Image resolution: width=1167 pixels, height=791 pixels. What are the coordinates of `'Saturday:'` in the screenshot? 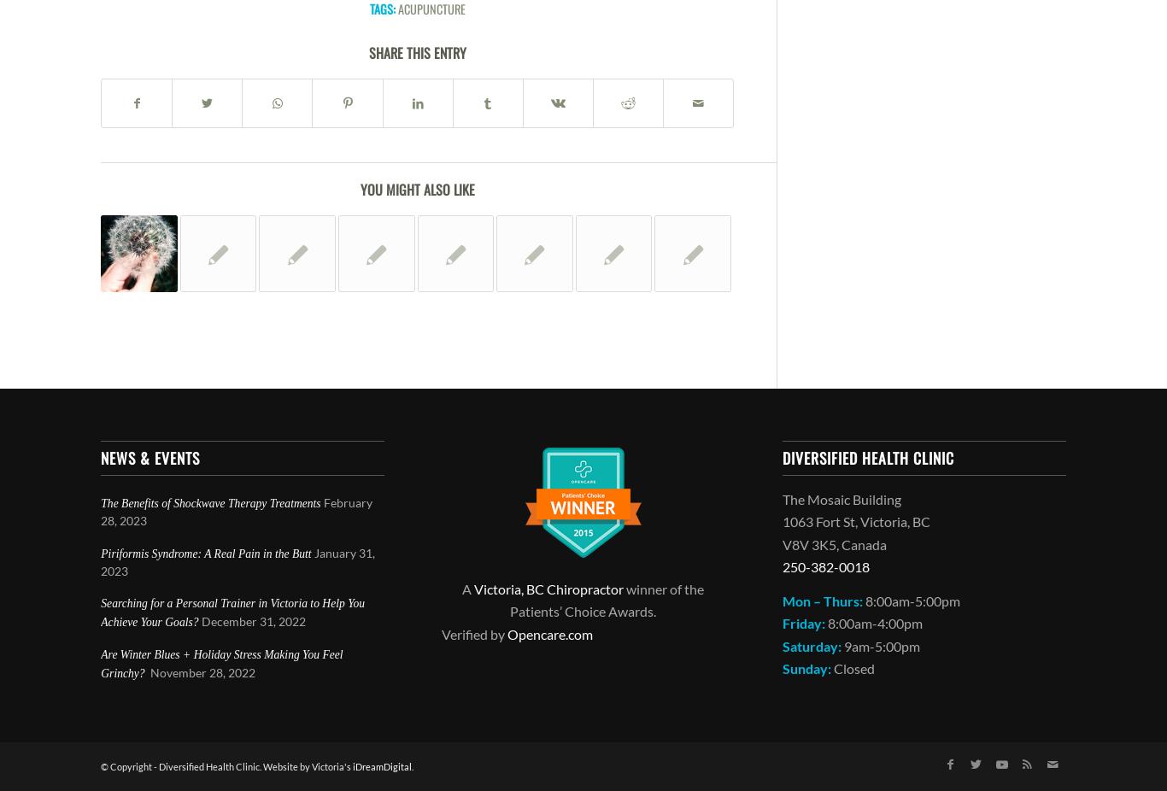 It's located at (812, 645).